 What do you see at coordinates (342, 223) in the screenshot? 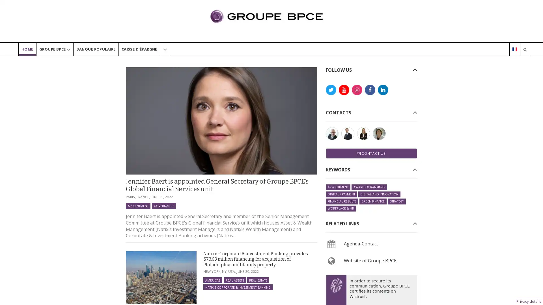
I see `RELATED LINKS` at bounding box center [342, 223].